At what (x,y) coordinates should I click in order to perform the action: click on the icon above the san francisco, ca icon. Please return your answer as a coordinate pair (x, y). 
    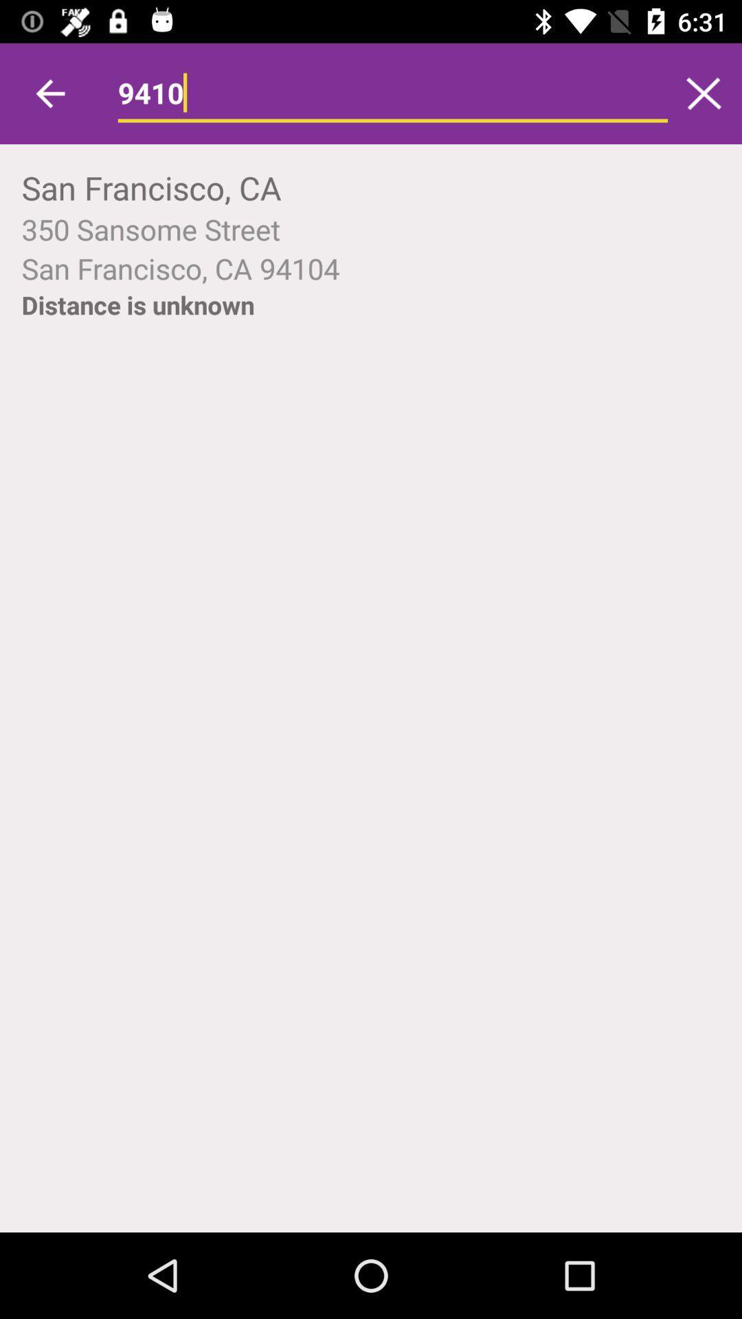
    Looking at the image, I should click on (392, 93).